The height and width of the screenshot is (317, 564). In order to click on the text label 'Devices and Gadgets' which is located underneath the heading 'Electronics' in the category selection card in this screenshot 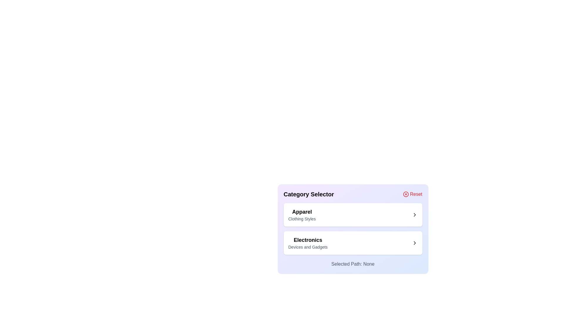, I will do `click(308, 247)`.